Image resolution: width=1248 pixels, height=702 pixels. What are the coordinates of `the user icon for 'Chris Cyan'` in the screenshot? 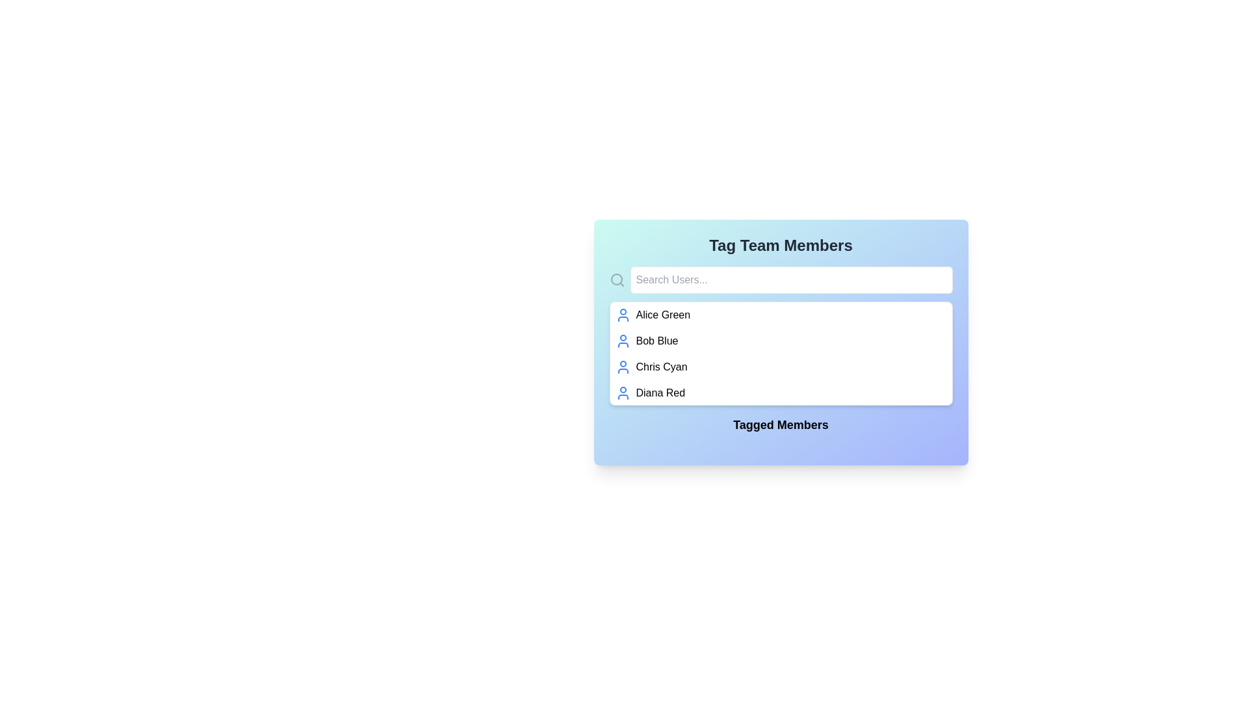 It's located at (622, 367).